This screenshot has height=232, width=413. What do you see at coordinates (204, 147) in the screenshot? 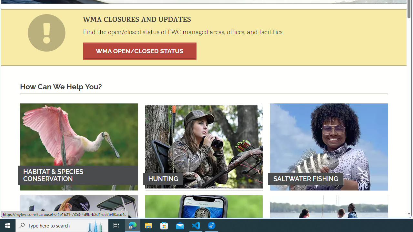
I see `'HUNTING'` at bounding box center [204, 147].